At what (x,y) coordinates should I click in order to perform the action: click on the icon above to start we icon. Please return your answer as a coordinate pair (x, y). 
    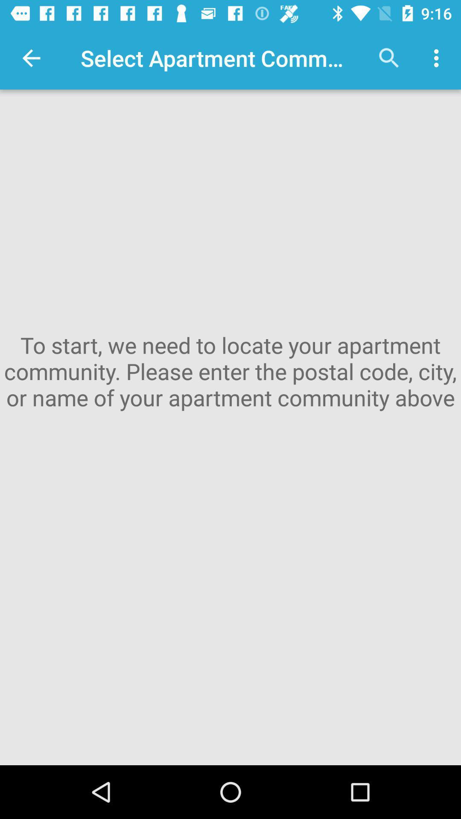
    Looking at the image, I should click on (31, 58).